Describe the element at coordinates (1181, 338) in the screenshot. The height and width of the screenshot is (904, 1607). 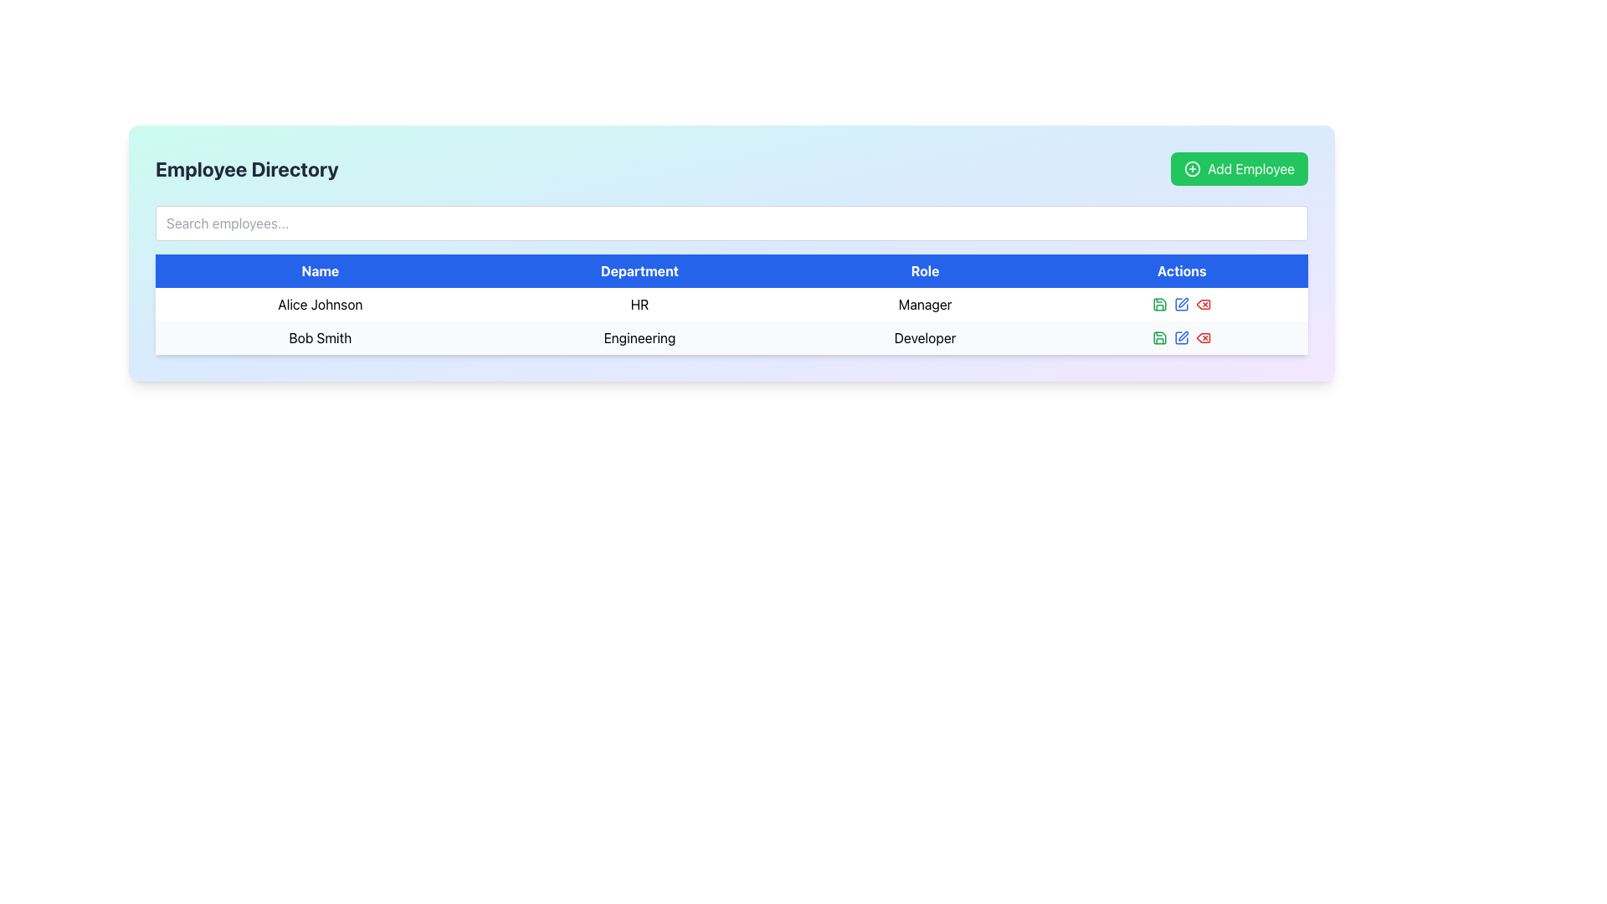
I see `the individual action icons in the control panel for the 'Bob Smith' entry, which is the last column in the employee directory table` at that location.